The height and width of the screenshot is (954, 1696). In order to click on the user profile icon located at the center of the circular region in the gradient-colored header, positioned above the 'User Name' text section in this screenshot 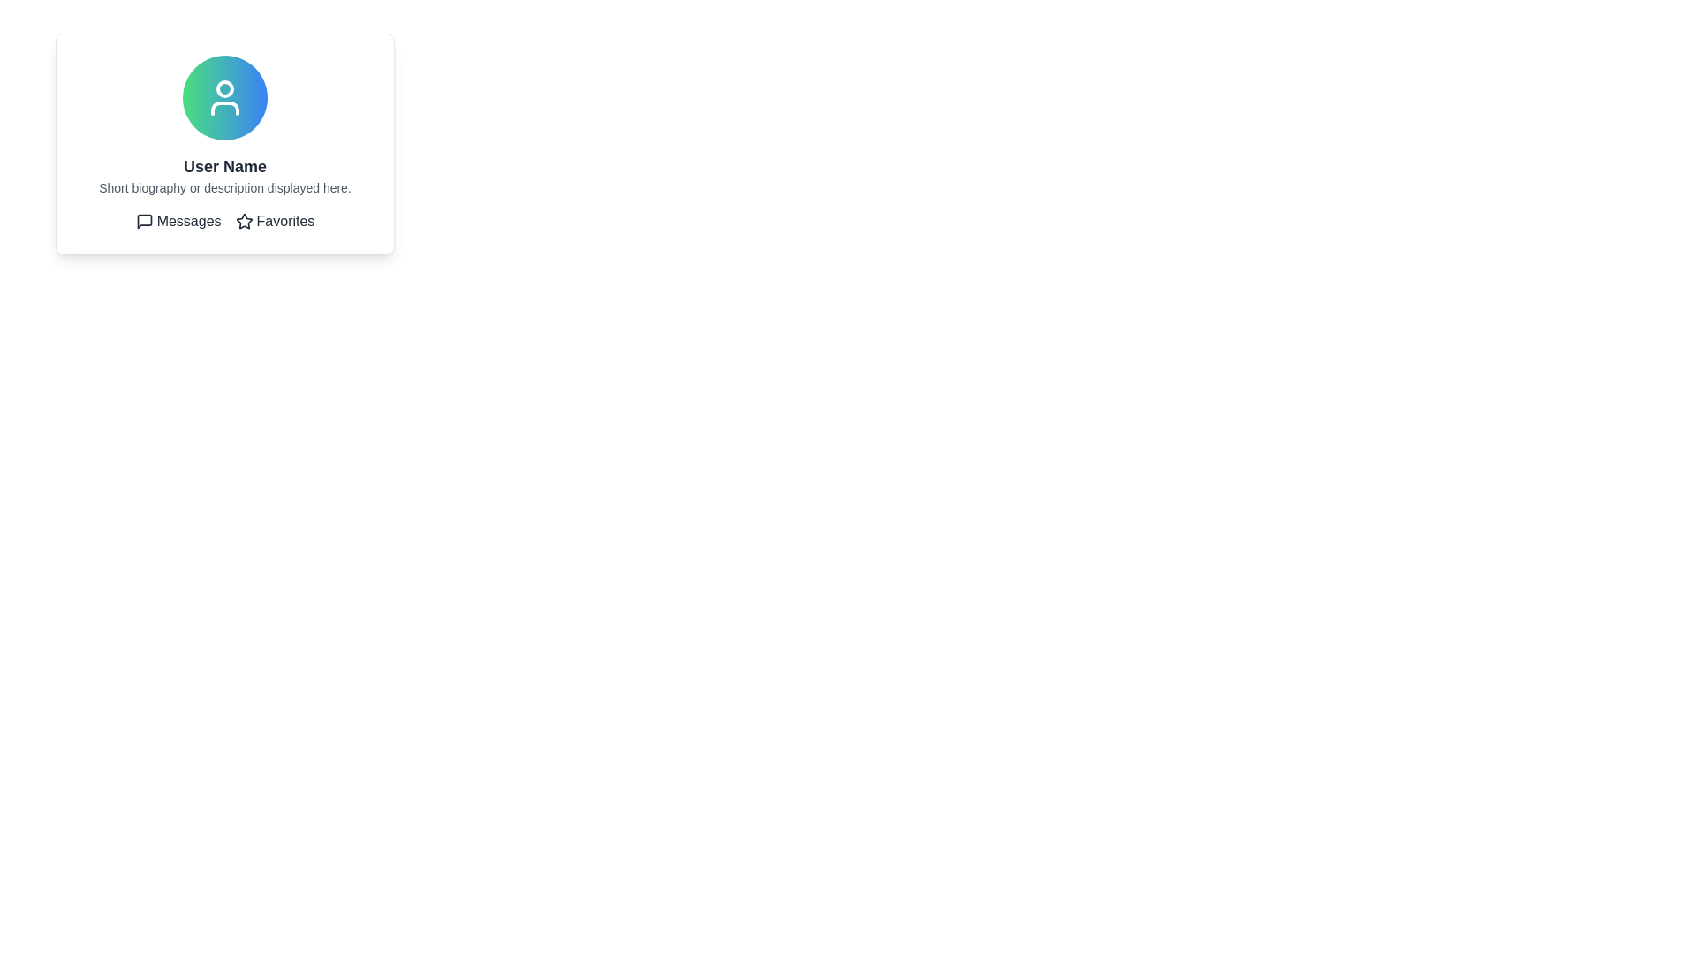, I will do `click(223, 98)`.